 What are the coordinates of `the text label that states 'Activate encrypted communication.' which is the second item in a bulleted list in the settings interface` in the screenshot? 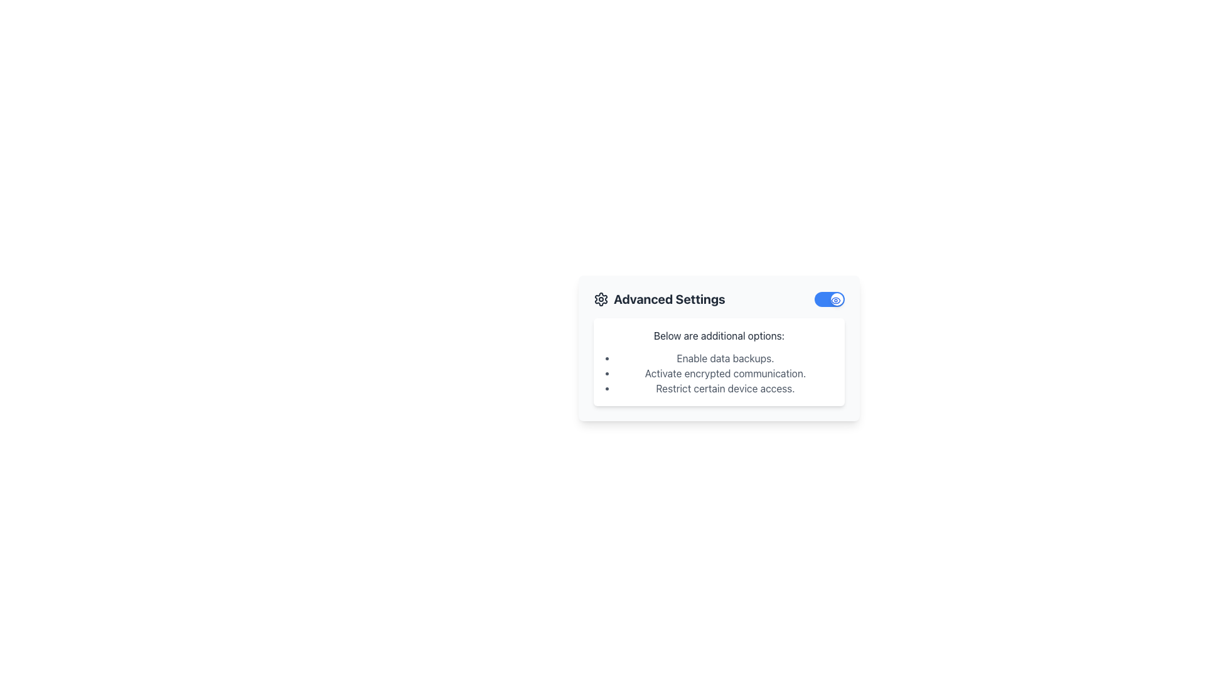 It's located at (726, 372).